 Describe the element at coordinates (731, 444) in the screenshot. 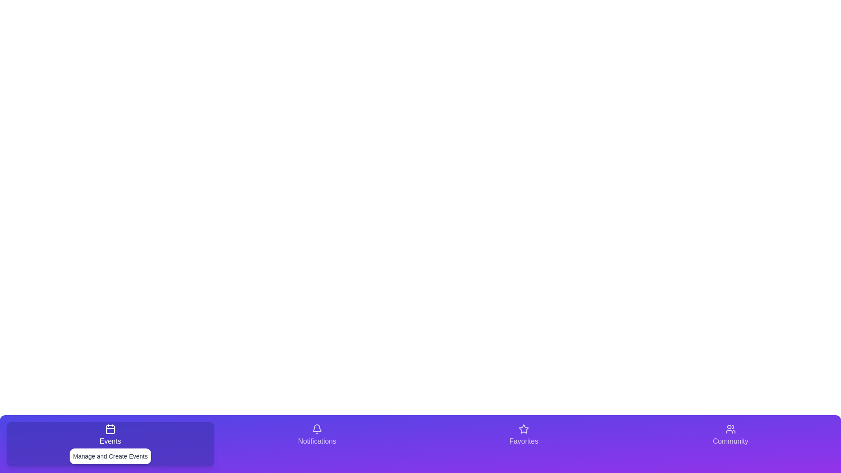

I see `the tab labeled Community to observe its hover effect` at that location.